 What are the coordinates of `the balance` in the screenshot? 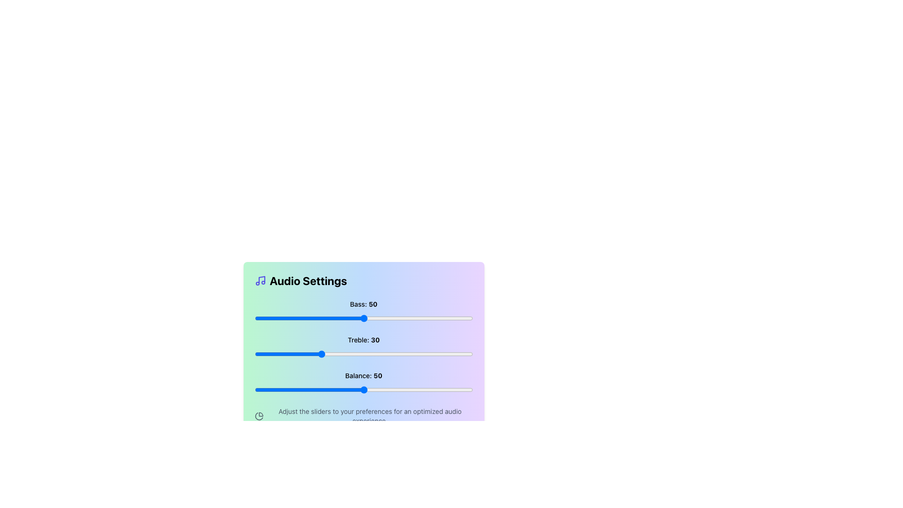 It's located at (431, 390).